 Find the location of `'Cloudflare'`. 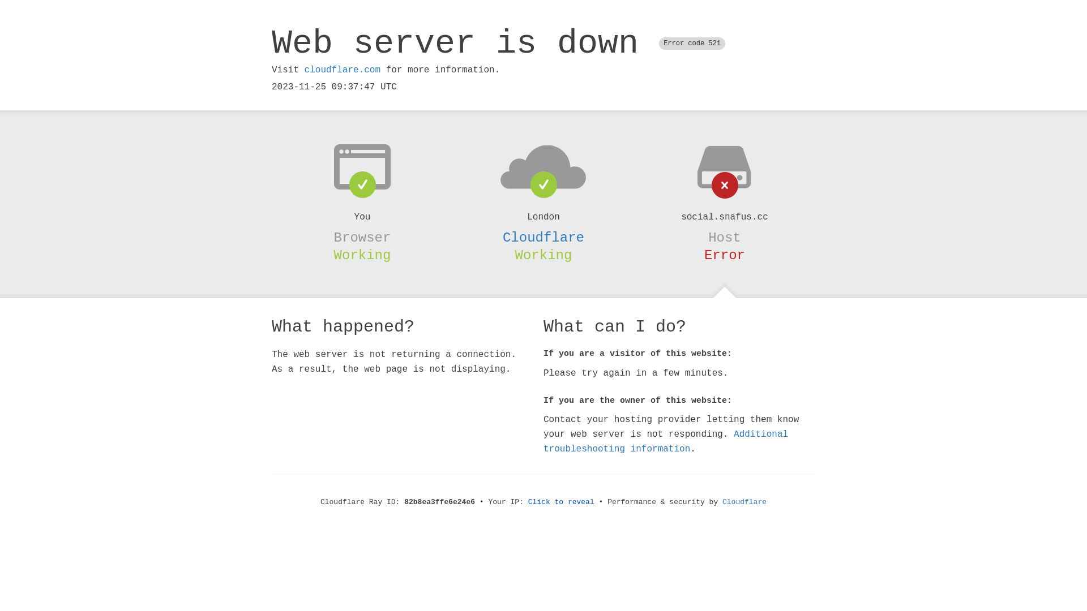

'Cloudflare' is located at coordinates (543, 237).